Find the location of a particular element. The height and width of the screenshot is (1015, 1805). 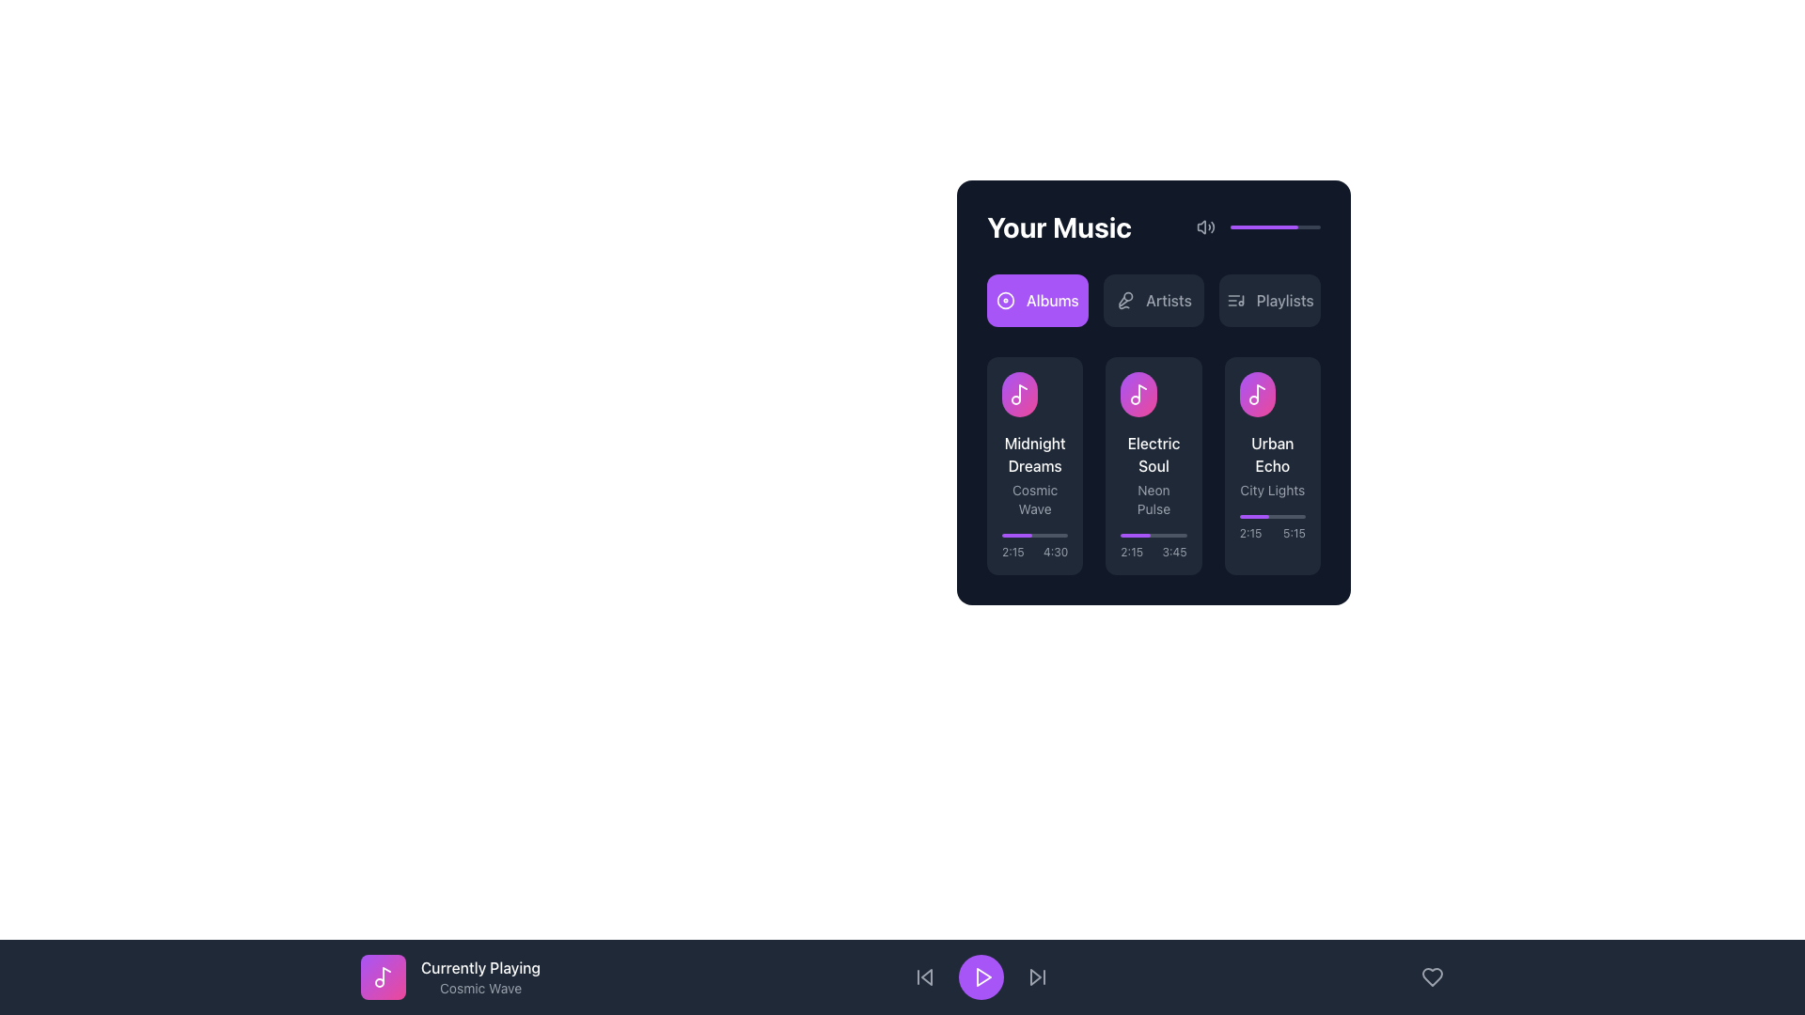

the volume control group labeled 'Your Music' is located at coordinates (1153, 226).